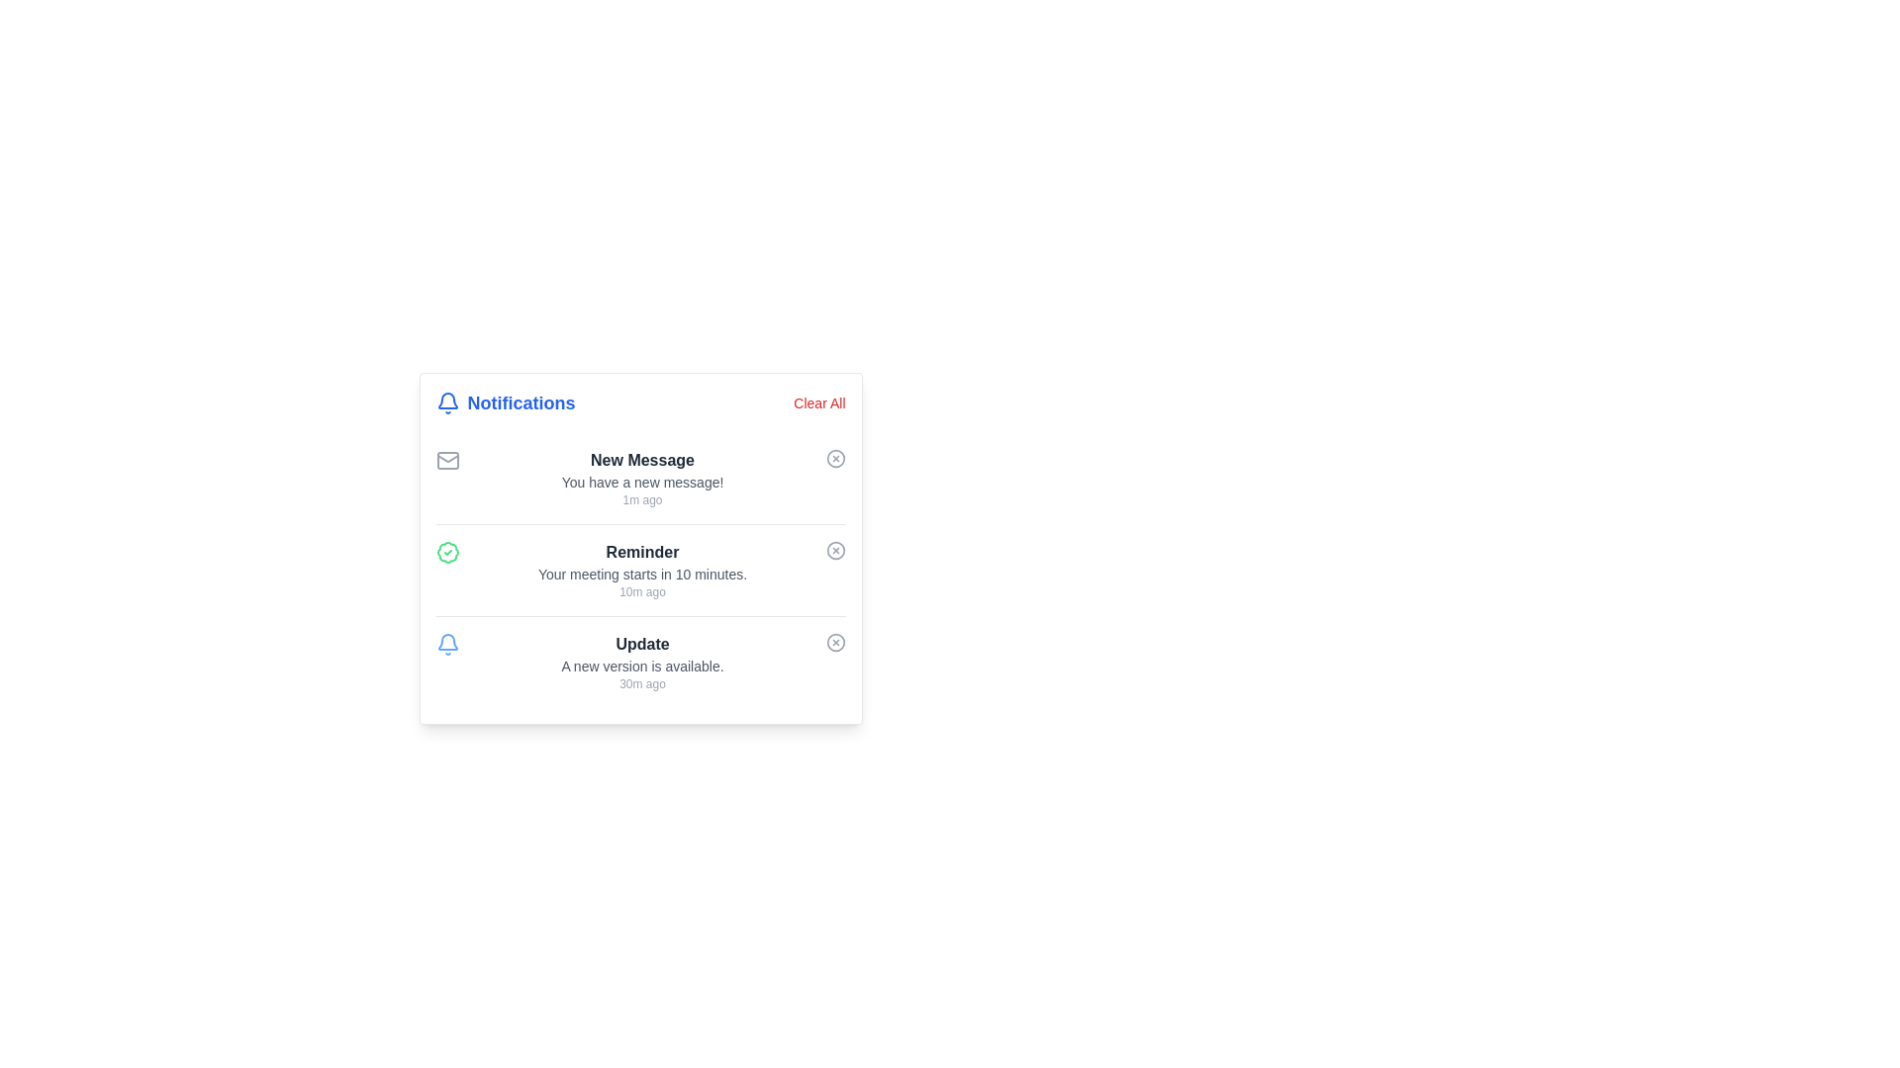  I want to click on the Notification Card that informs users about an upcoming meeting, located in the middle of a notification list, to interact with it, so click(640, 570).